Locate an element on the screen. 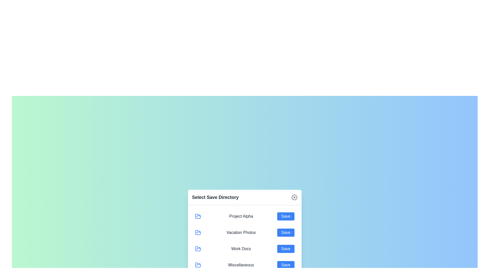 The width and height of the screenshot is (487, 274). 'Save' button for the directory Vacation Photos is located at coordinates (286, 232).